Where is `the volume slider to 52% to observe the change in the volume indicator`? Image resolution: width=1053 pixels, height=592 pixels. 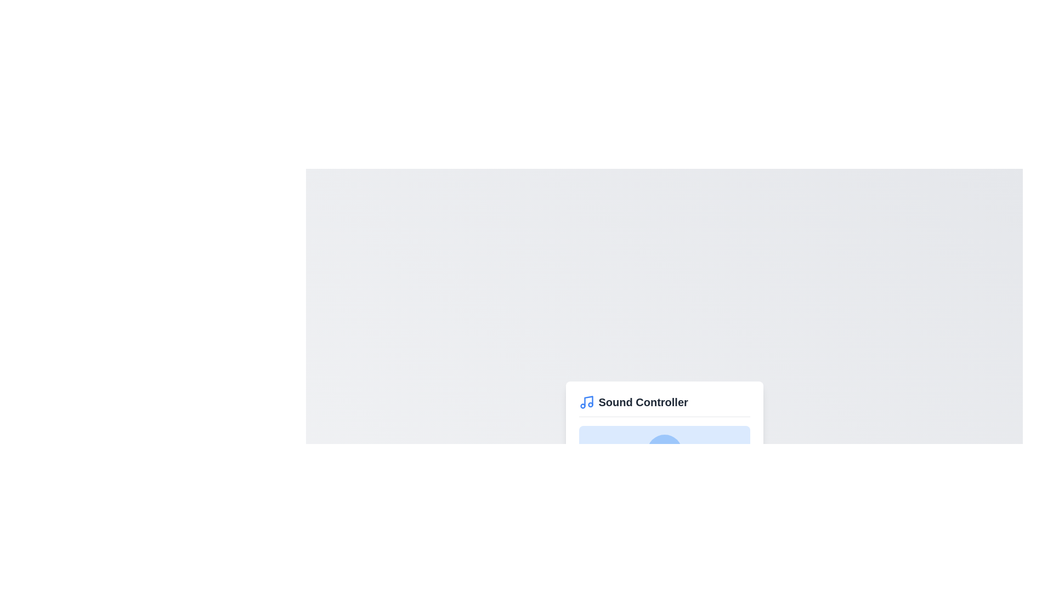
the volume slider to 52% to observe the change in the volume indicator is located at coordinates (667, 491).